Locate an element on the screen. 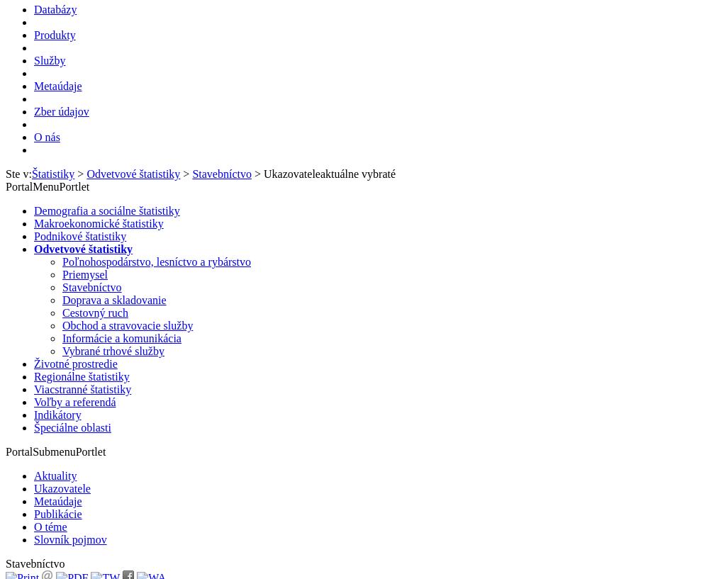  'Informácie a komunikácia' is located at coordinates (121, 338).